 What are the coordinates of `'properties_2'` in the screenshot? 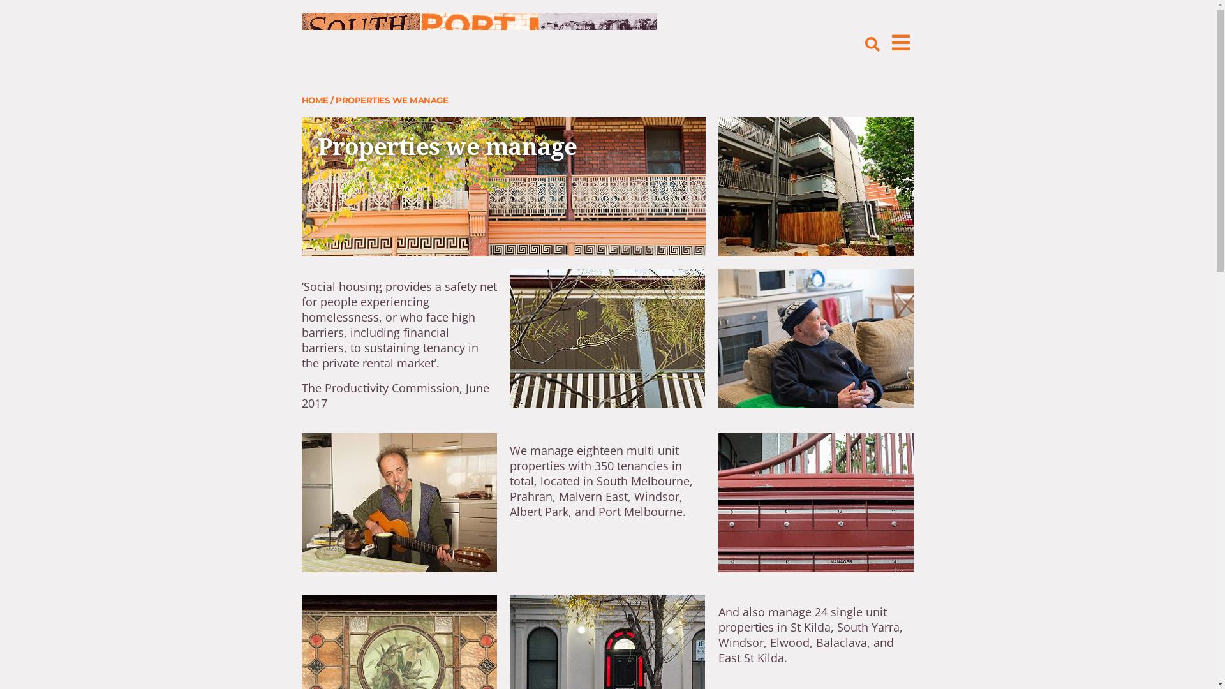 It's located at (815, 187).